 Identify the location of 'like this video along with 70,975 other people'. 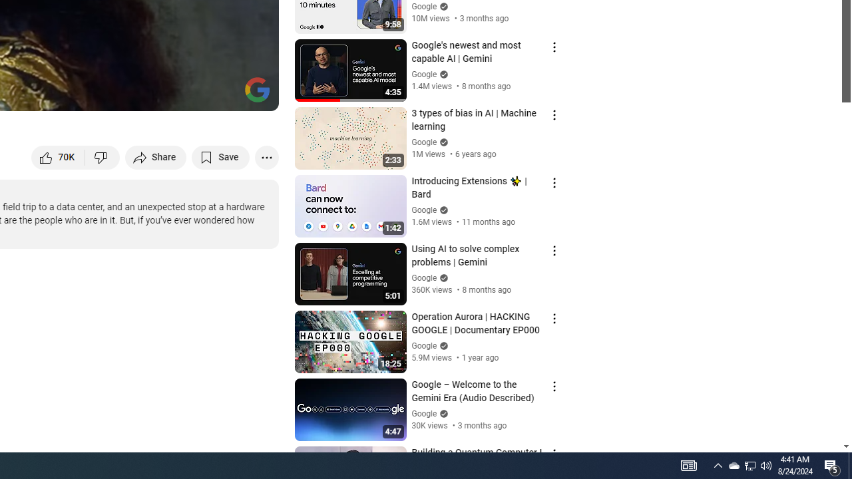
(58, 156).